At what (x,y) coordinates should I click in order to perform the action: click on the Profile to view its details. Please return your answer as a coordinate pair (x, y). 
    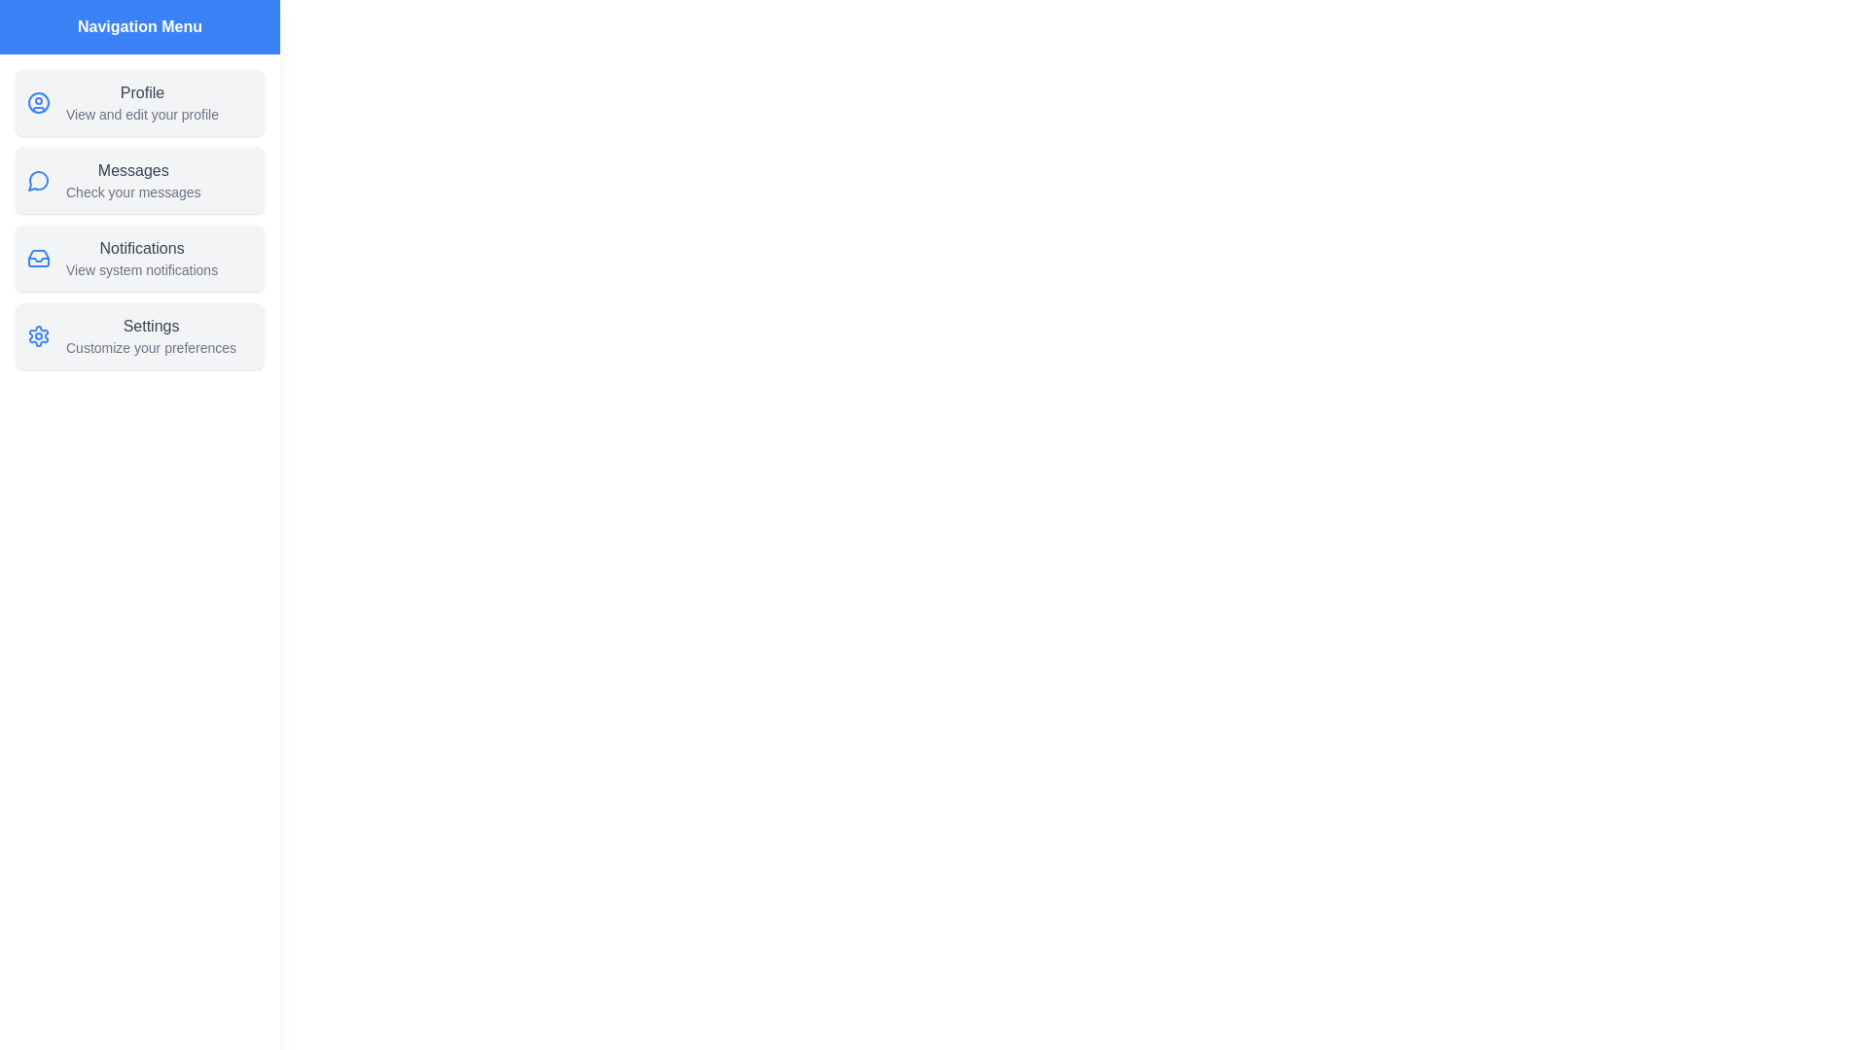
    Looking at the image, I should click on (139, 102).